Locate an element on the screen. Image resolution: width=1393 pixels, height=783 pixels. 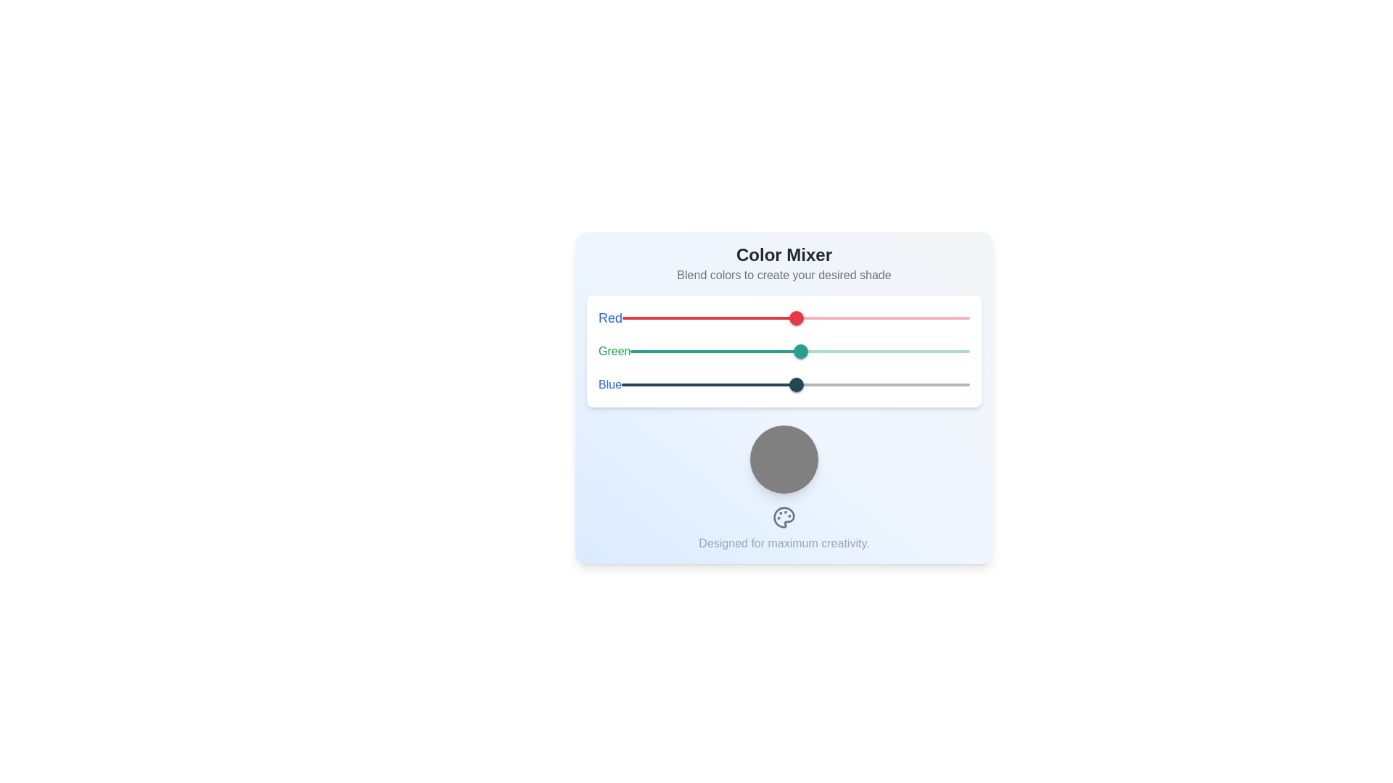
the red component of the color is located at coordinates (790, 318).